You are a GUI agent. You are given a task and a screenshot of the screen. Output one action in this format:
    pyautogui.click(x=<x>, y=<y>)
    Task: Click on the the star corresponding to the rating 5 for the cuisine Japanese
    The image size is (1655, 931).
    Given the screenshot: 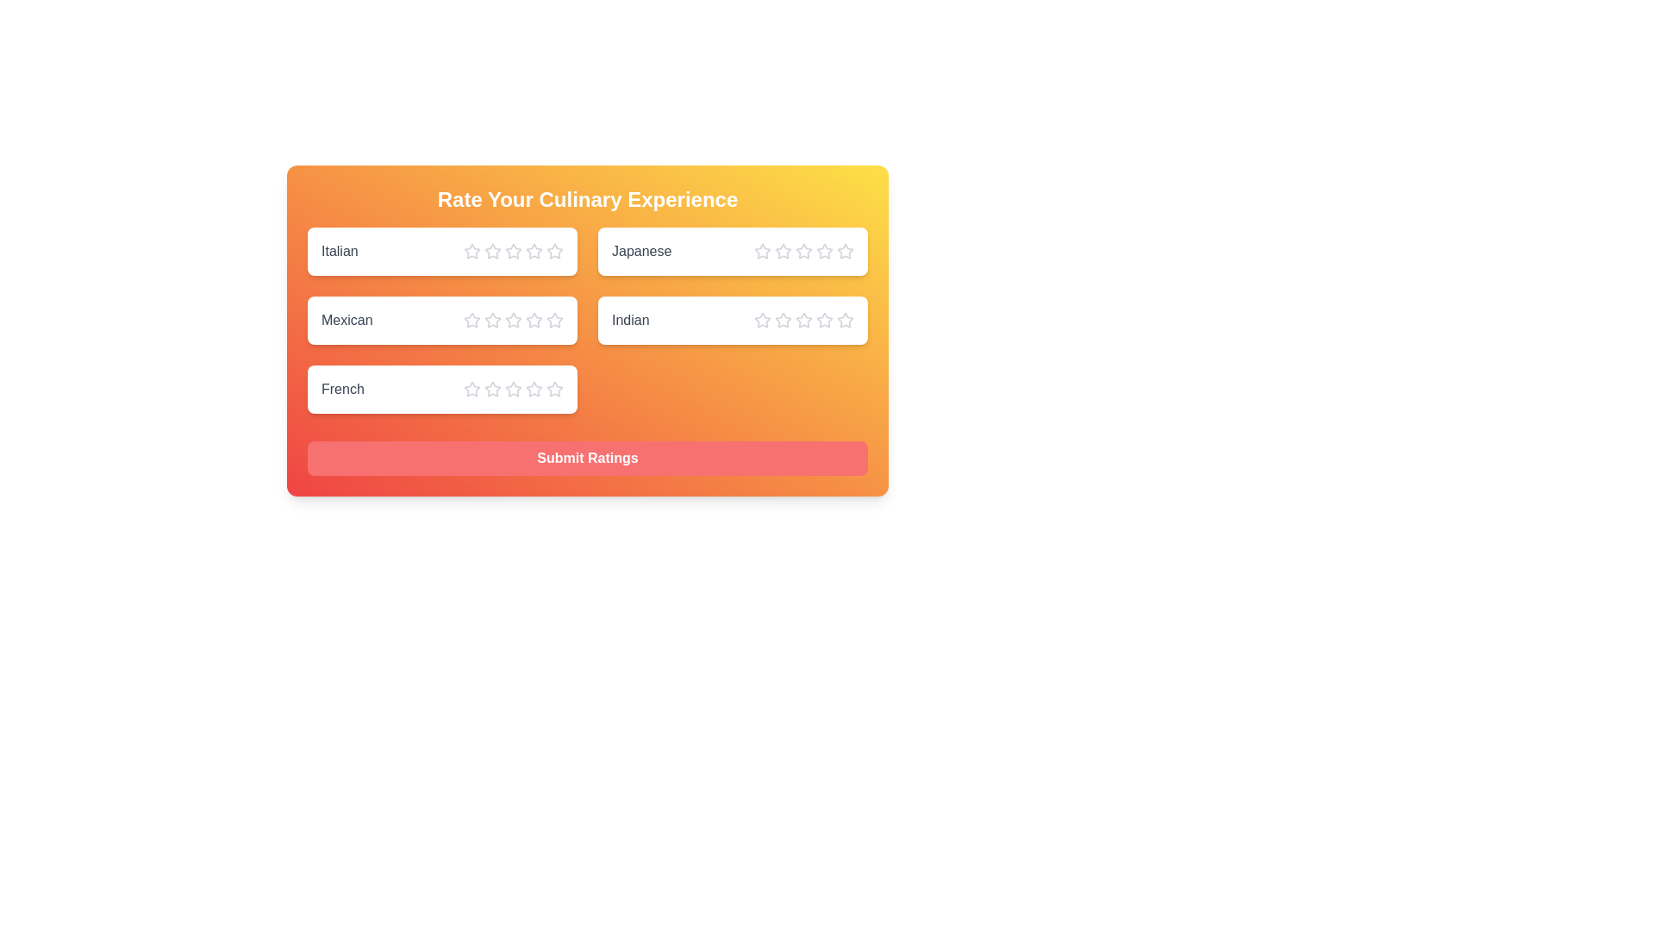 What is the action you would take?
    pyautogui.click(x=845, y=252)
    